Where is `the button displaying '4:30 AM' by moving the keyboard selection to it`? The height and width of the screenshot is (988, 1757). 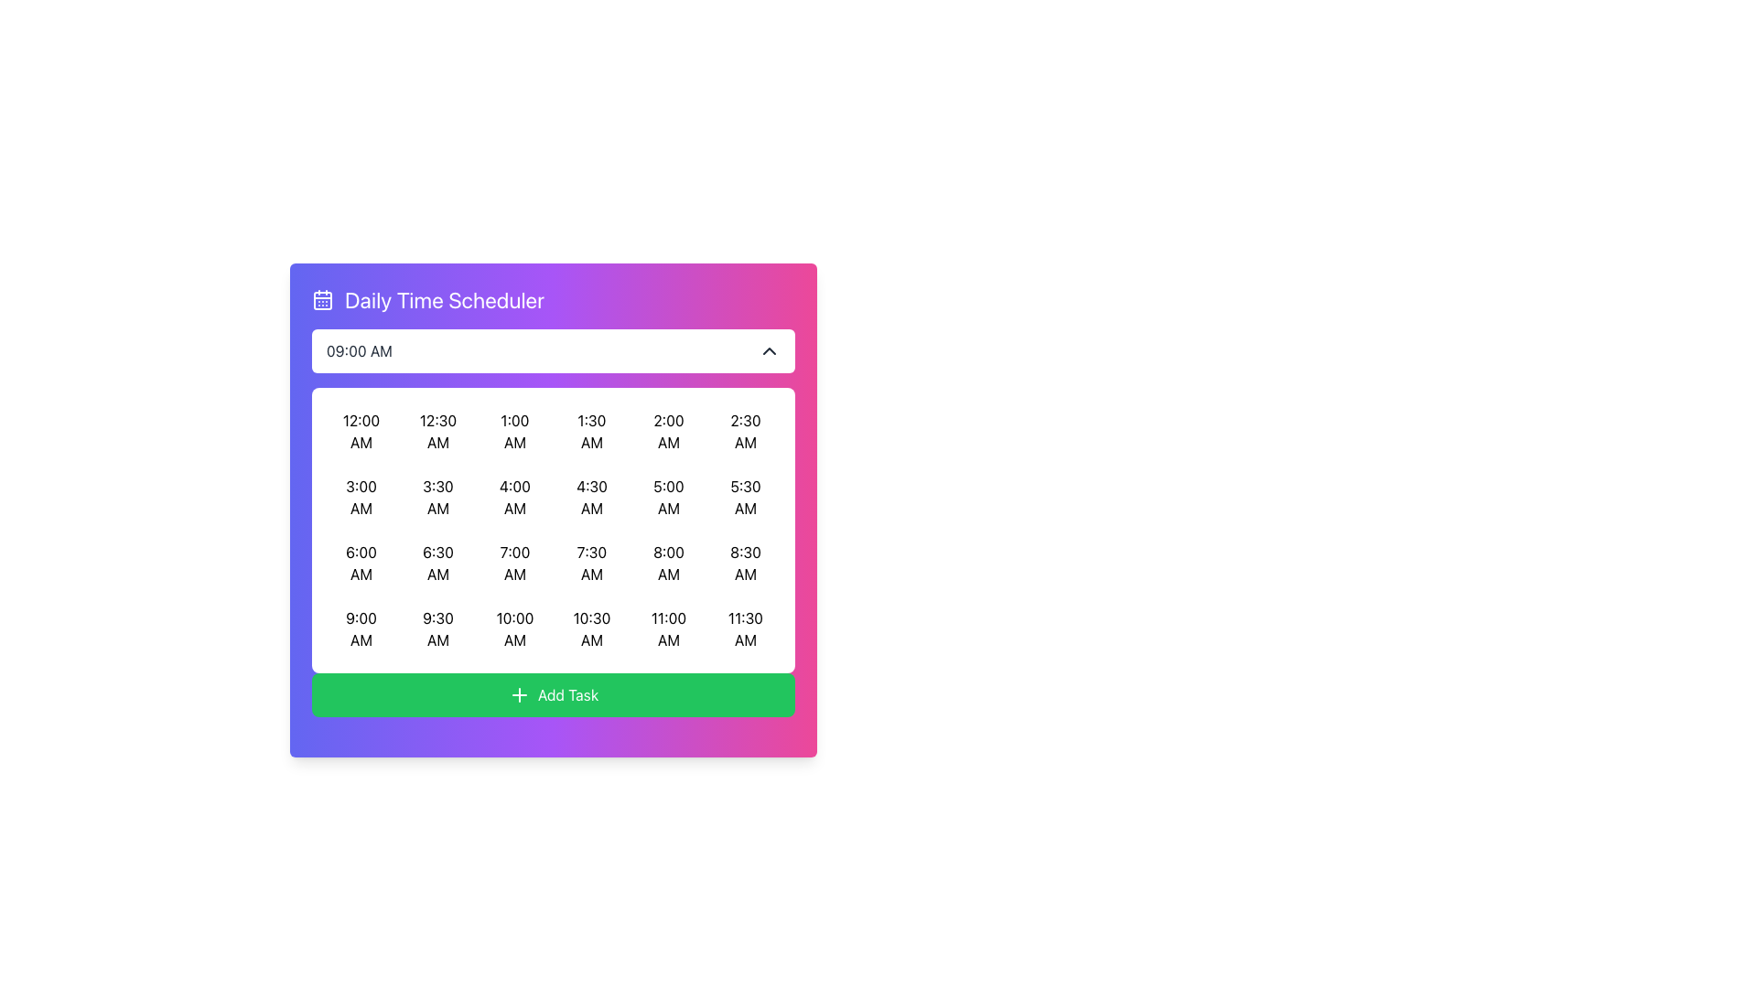
the button displaying '4:30 AM' by moving the keyboard selection to it is located at coordinates (592, 497).